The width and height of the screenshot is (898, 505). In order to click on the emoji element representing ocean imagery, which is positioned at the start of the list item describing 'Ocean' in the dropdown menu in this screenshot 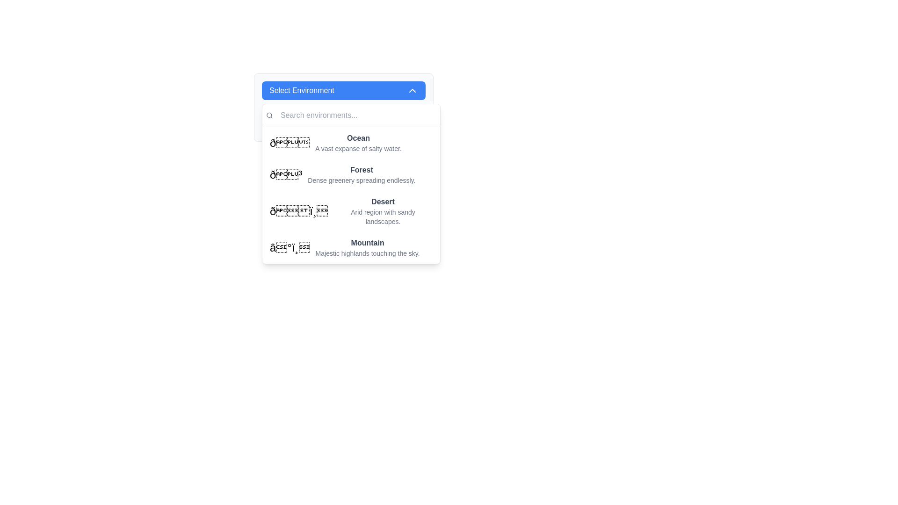, I will do `click(289, 143)`.